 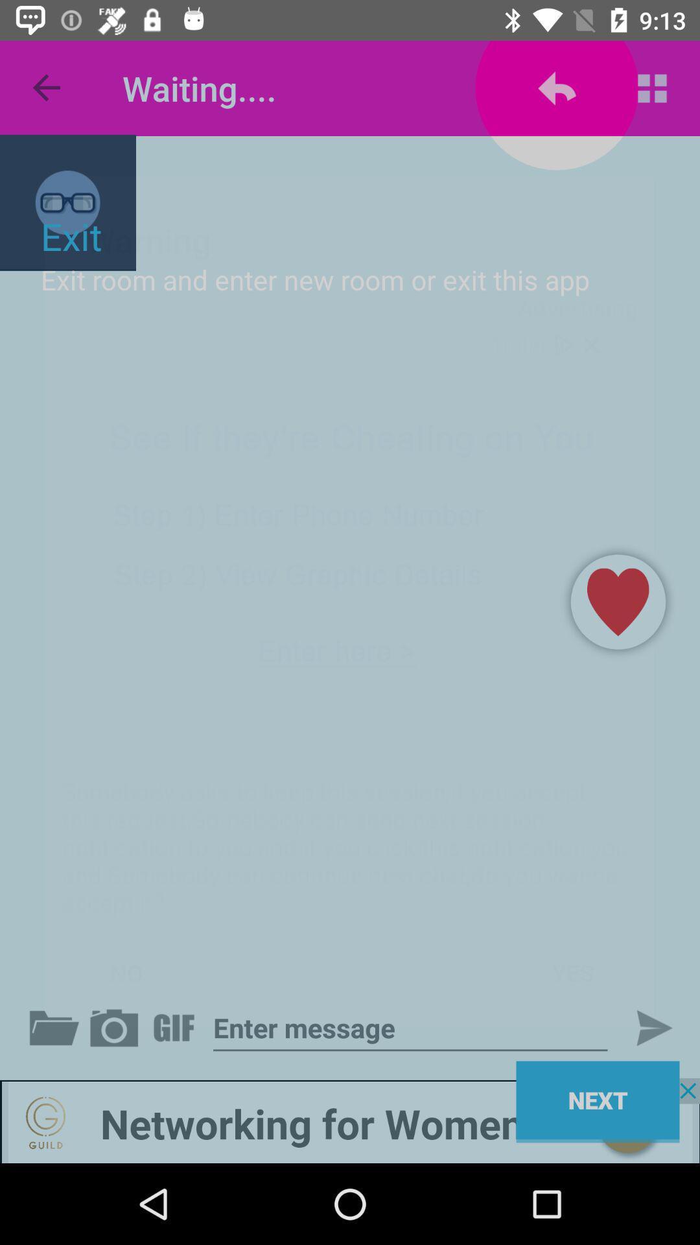 What do you see at coordinates (410, 1027) in the screenshot?
I see `text` at bounding box center [410, 1027].